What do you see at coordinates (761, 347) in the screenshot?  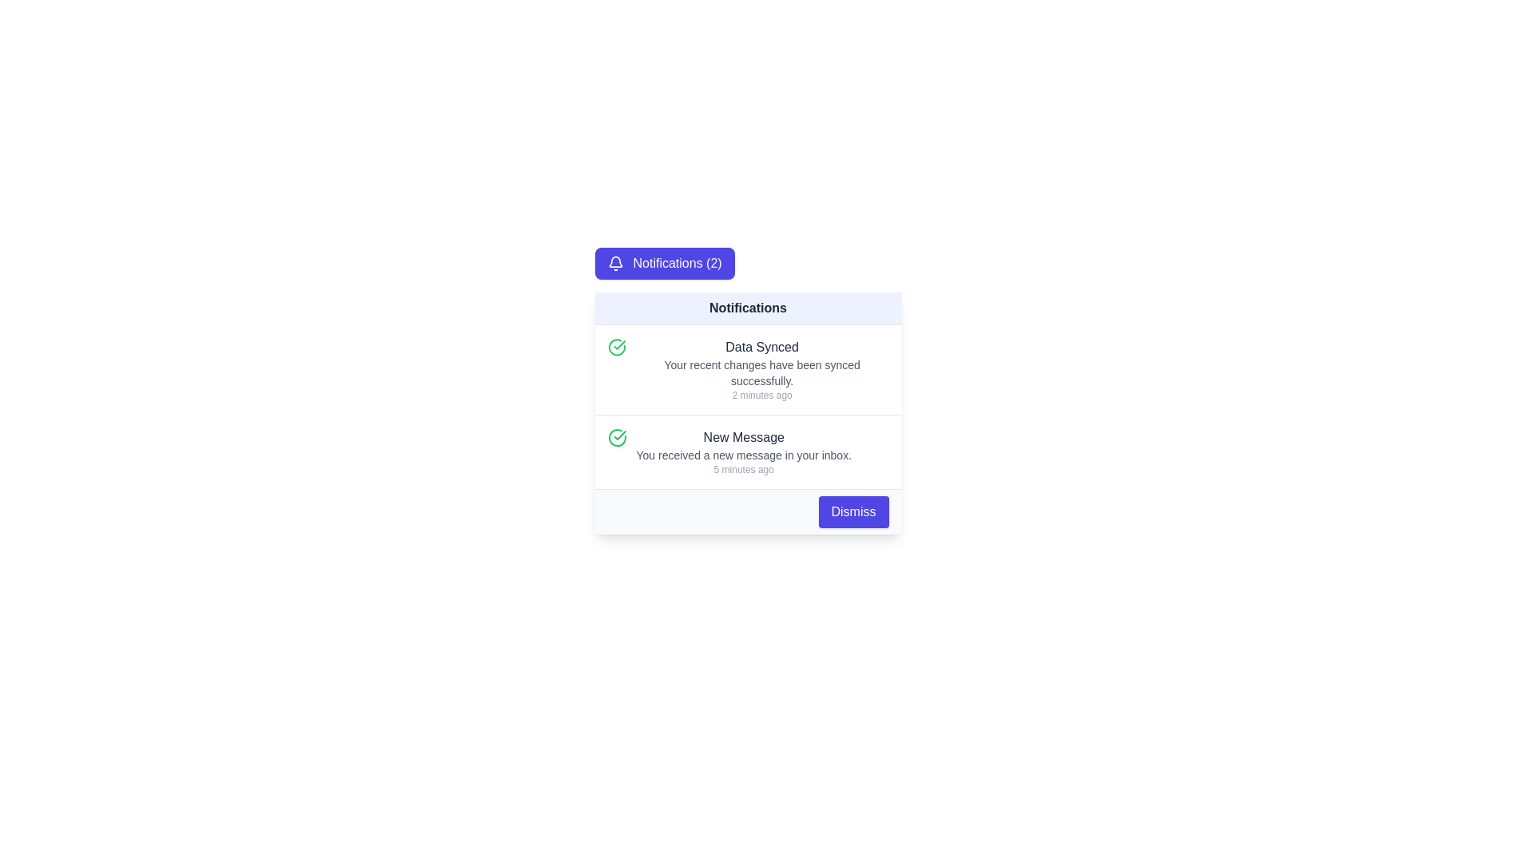 I see `text element displaying 'Data Synced', which is styled in bold and dark gray, located at the center of the notification card` at bounding box center [761, 347].